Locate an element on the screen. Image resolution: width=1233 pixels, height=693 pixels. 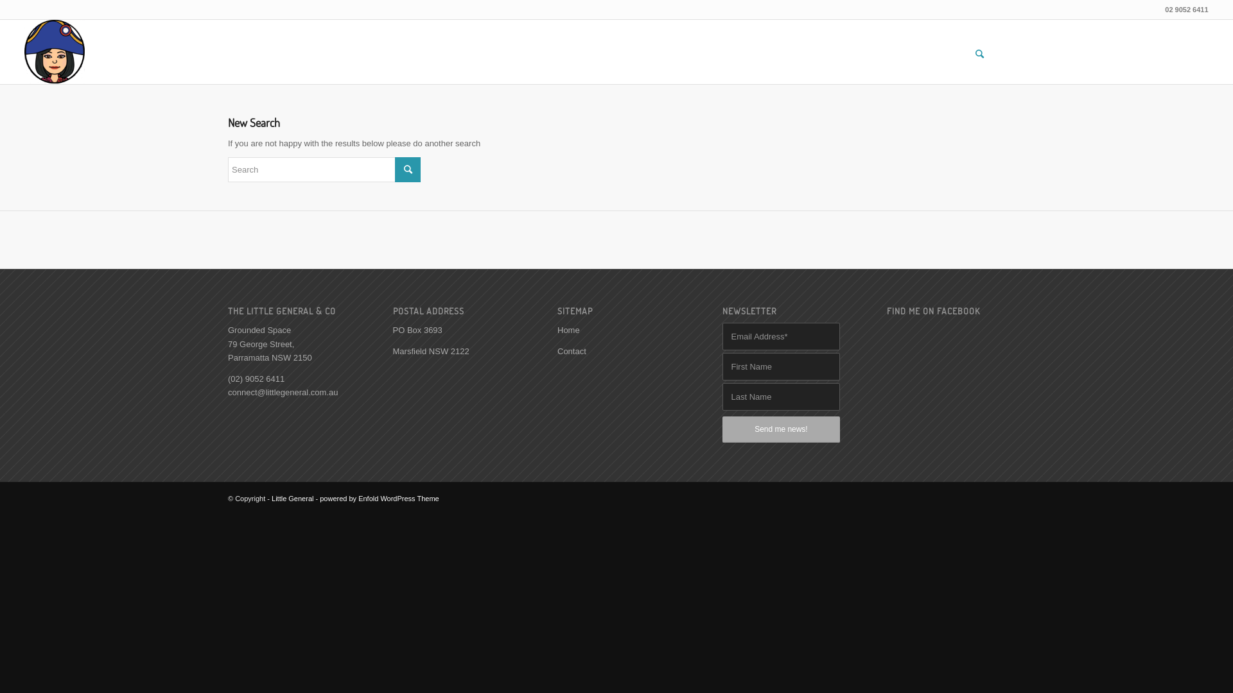
'Contact' is located at coordinates (1155, 31).